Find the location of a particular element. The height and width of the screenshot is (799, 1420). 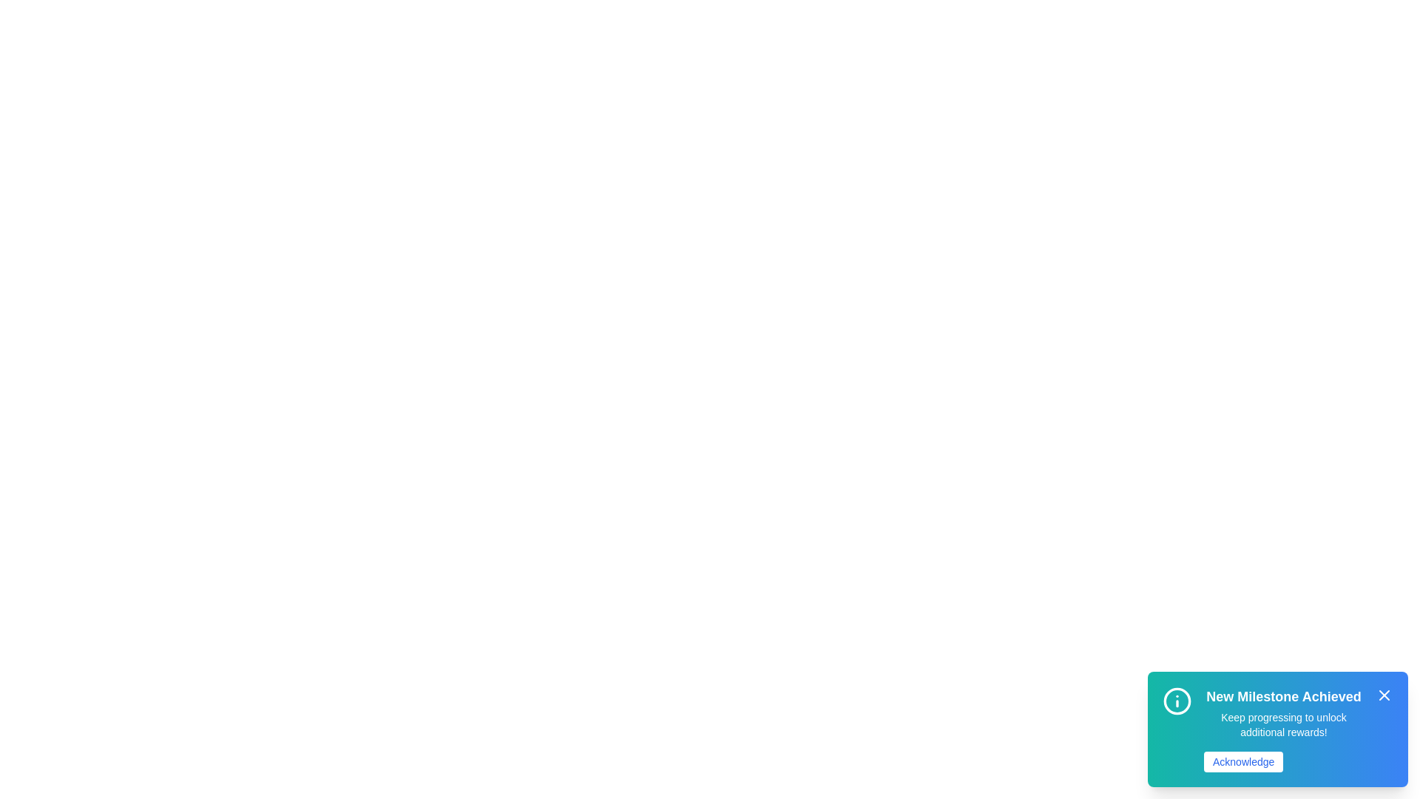

the informational icon in the snackbar is located at coordinates (1177, 701).